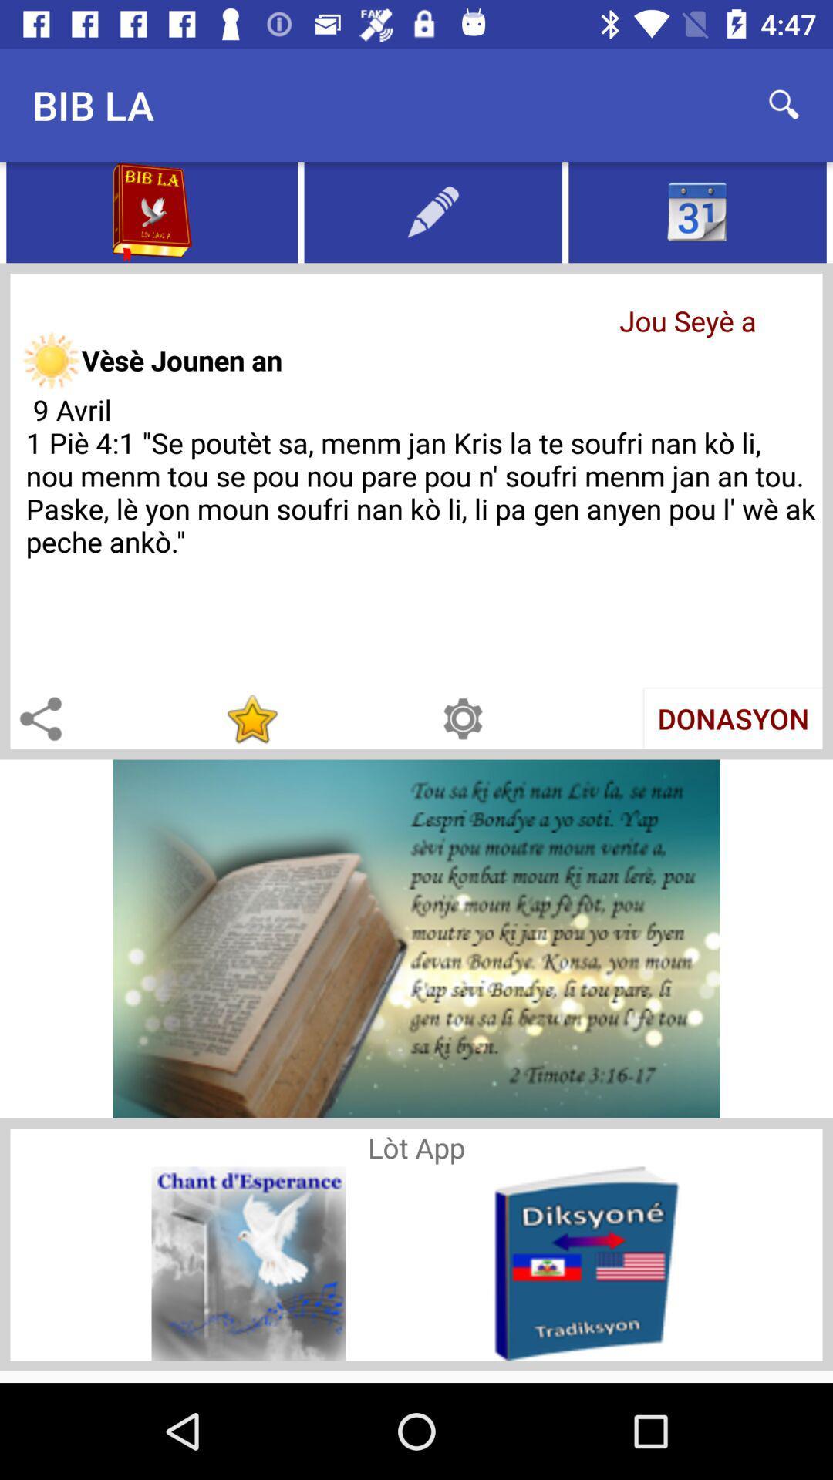 The image size is (833, 1480). Describe the element at coordinates (39, 718) in the screenshot. I see `the share icon` at that location.